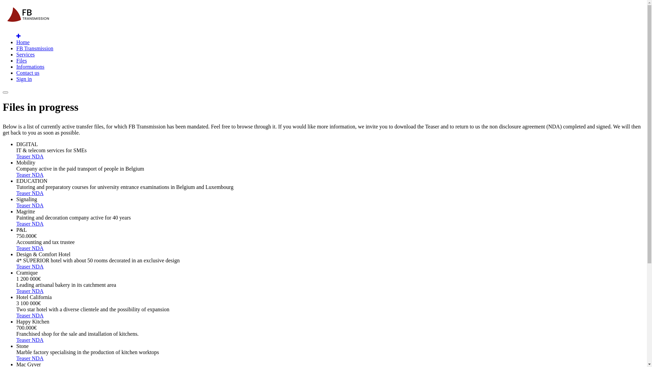 Image resolution: width=652 pixels, height=367 pixels. I want to click on 'NDA', so click(37, 358).